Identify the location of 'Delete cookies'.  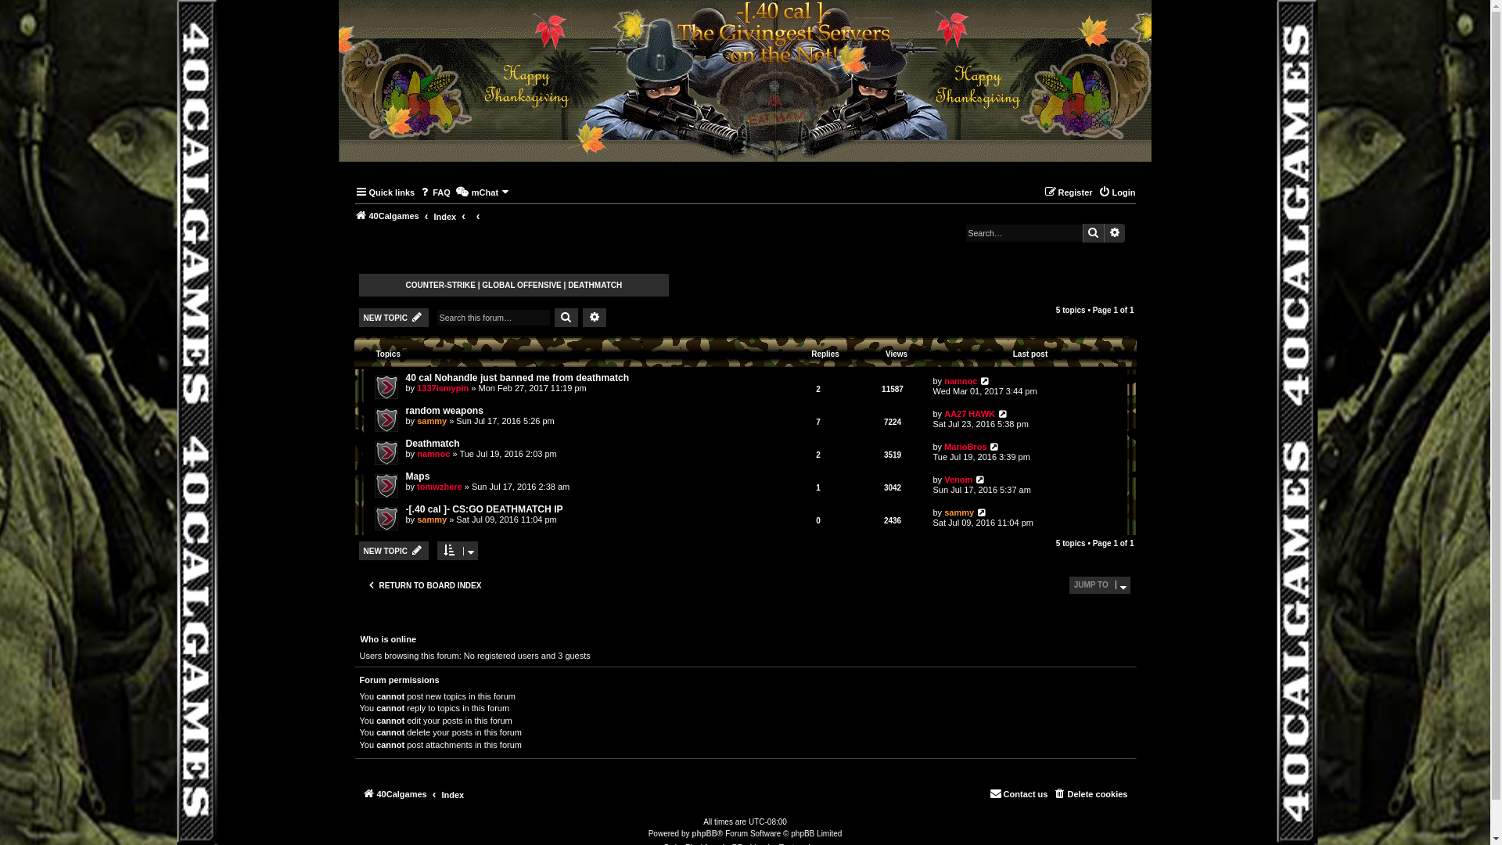
(1089, 793).